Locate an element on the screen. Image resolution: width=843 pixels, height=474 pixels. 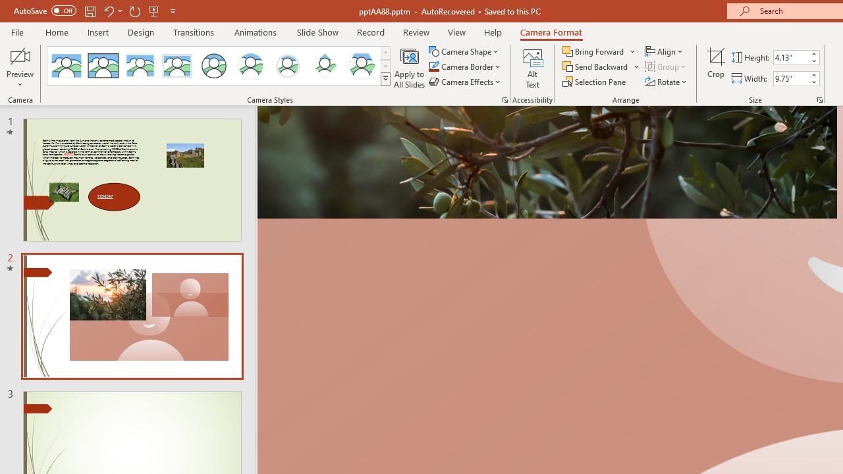
'Soft Edge Rectangle' is located at coordinates (176, 66).